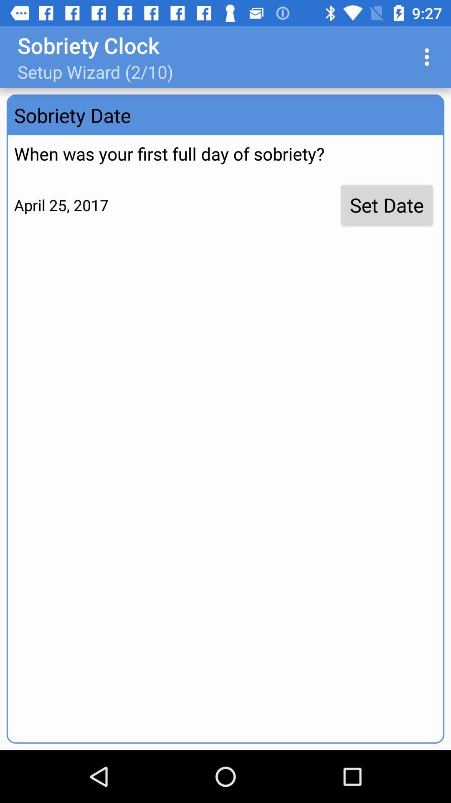 This screenshot has height=803, width=451. I want to click on item next to the setup wizard 2 icon, so click(429, 56).